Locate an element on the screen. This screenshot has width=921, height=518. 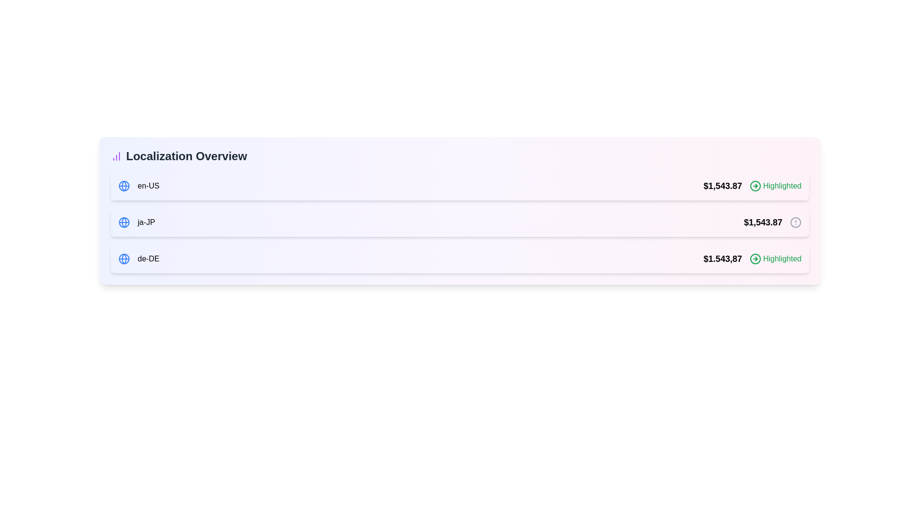
the row displaying the monetary value associated with the 'ja-JP' locale is located at coordinates (772, 222).